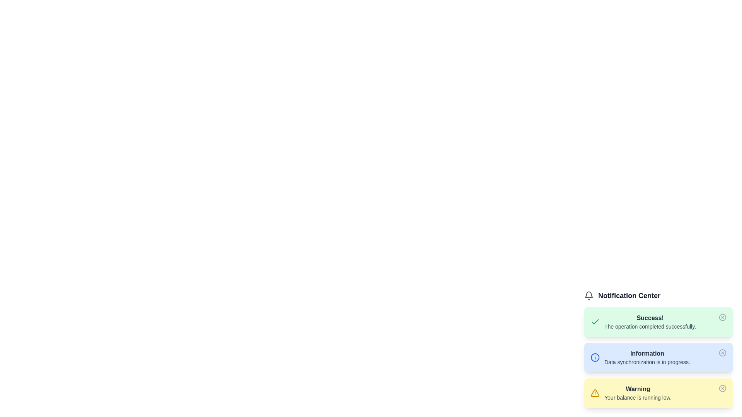 The width and height of the screenshot is (742, 417). I want to click on context clues, so click(647, 362).